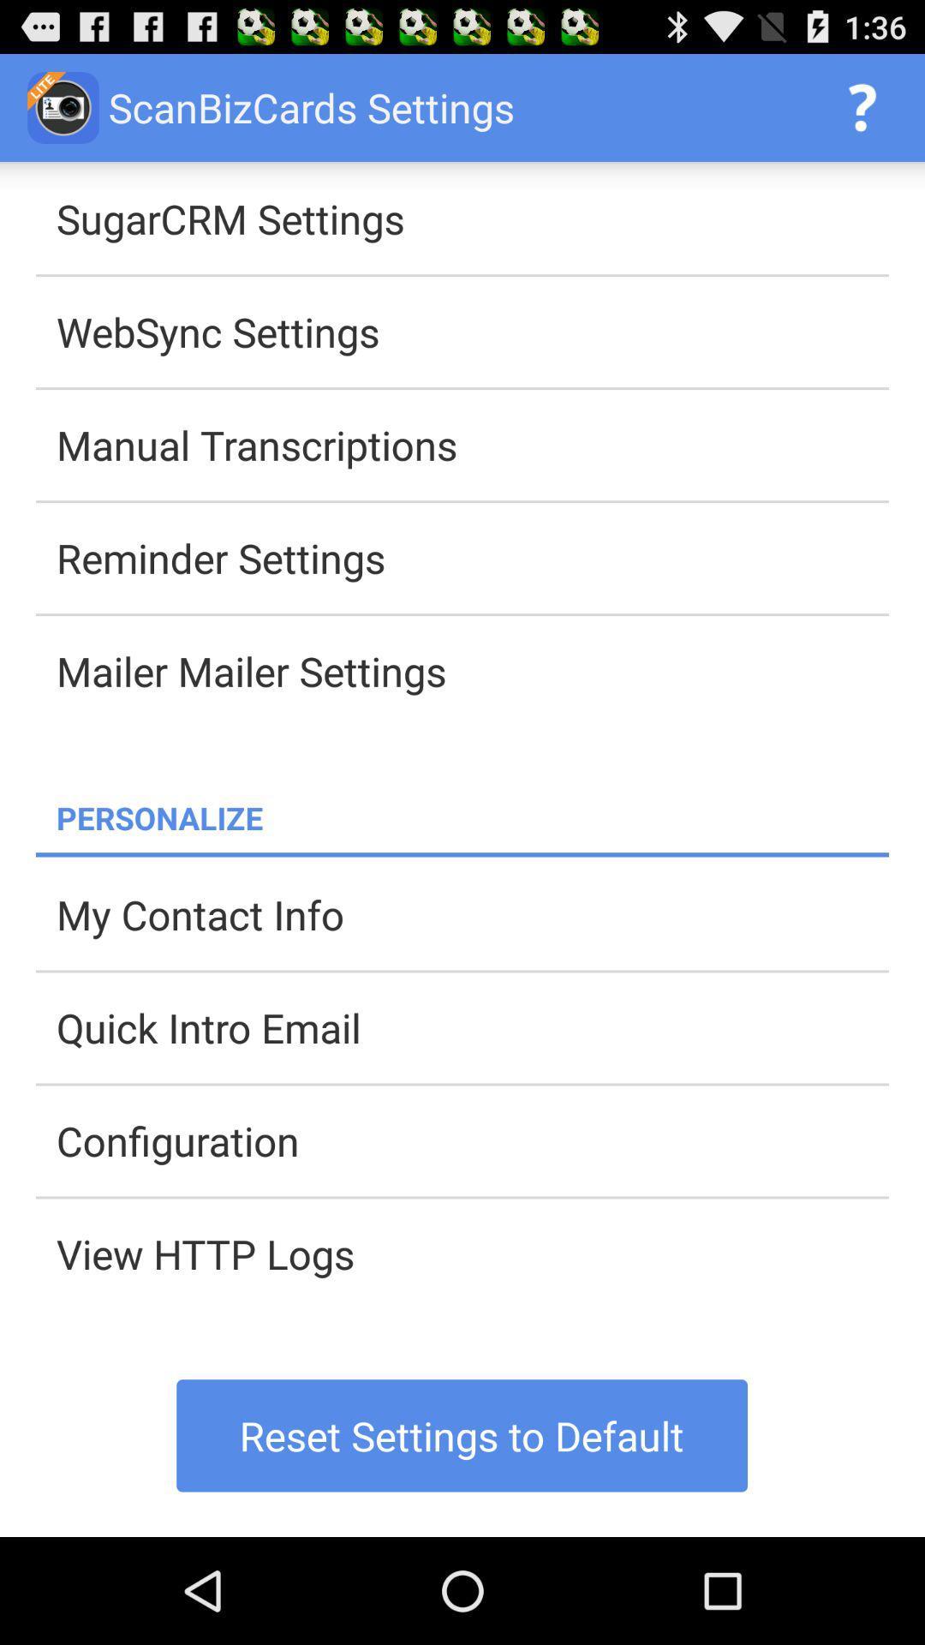  What do you see at coordinates (472, 1027) in the screenshot?
I see `icon below my contact info app` at bounding box center [472, 1027].